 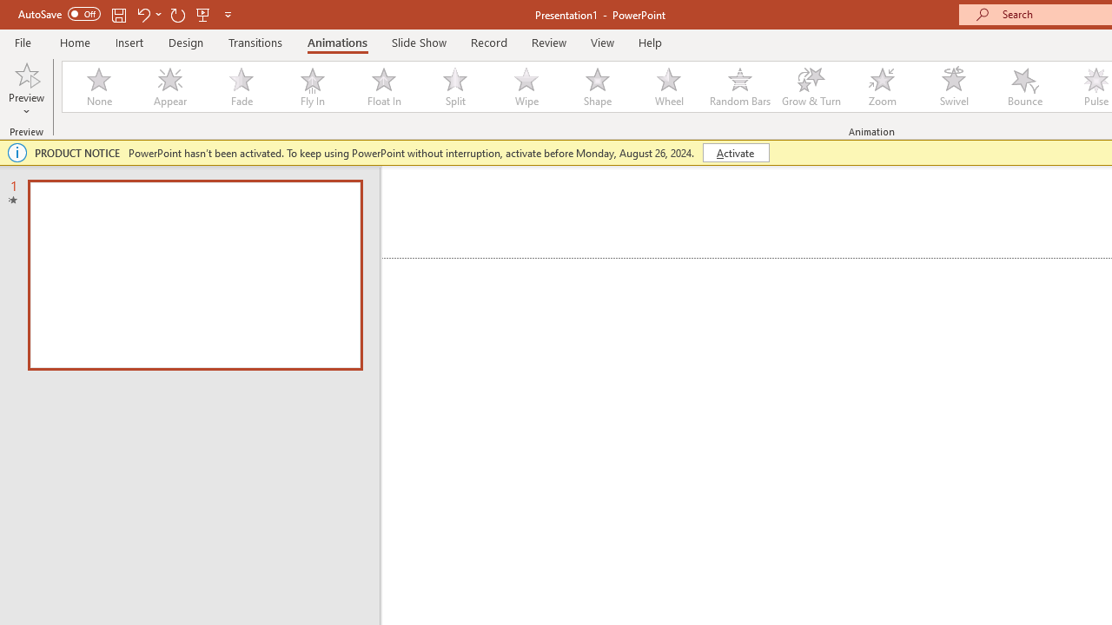 What do you see at coordinates (240, 87) in the screenshot?
I see `'Fade'` at bounding box center [240, 87].